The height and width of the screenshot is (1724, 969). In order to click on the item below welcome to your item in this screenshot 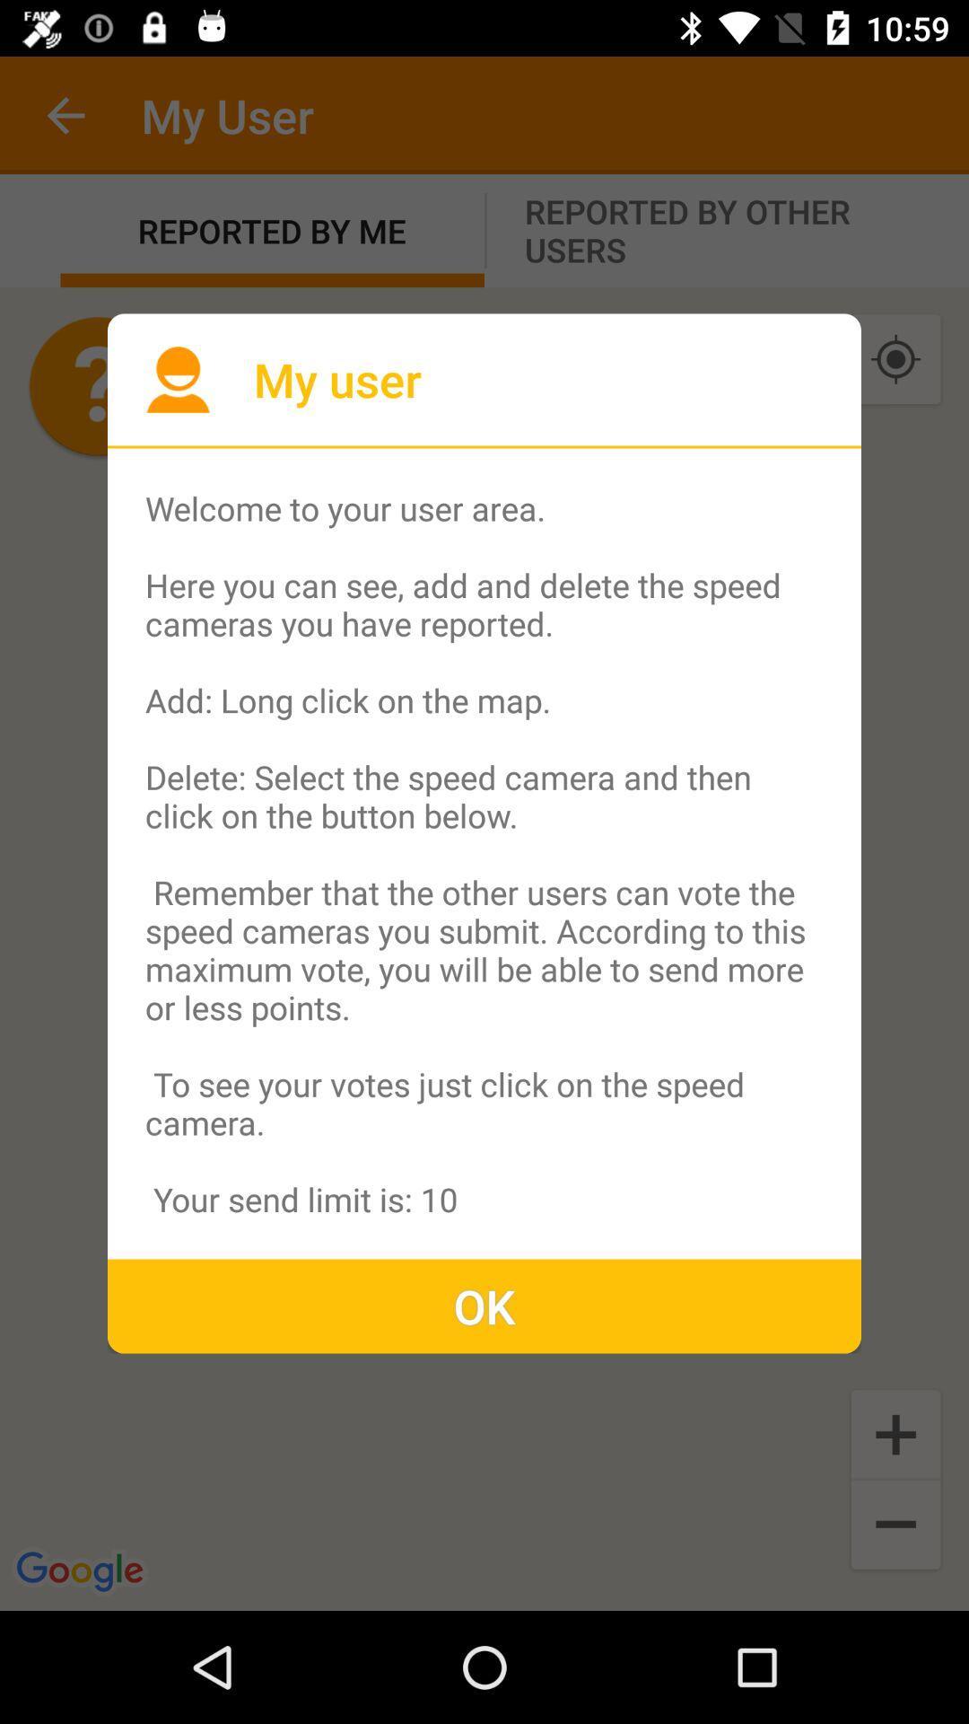, I will do `click(484, 1306)`.